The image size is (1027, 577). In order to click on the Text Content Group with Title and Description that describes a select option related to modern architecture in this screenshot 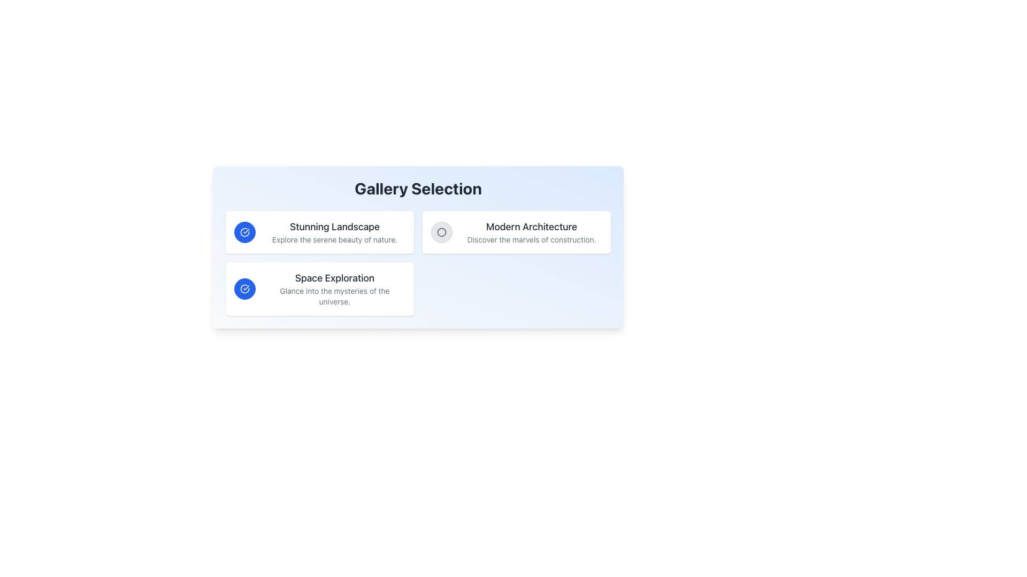, I will do `click(531, 232)`.